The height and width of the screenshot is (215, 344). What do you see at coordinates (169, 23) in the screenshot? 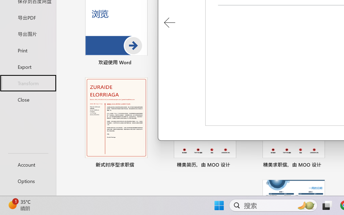
I see `'Previous Template'` at bounding box center [169, 23].